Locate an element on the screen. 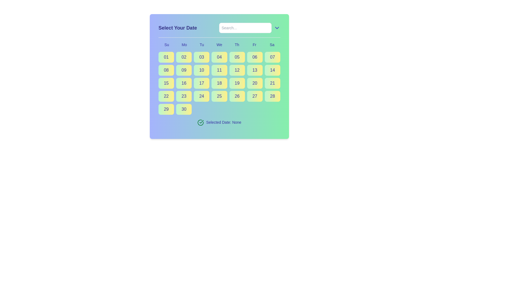  the date button in the calendar interface, located in the fourth row and fourth column is located at coordinates (219, 96).